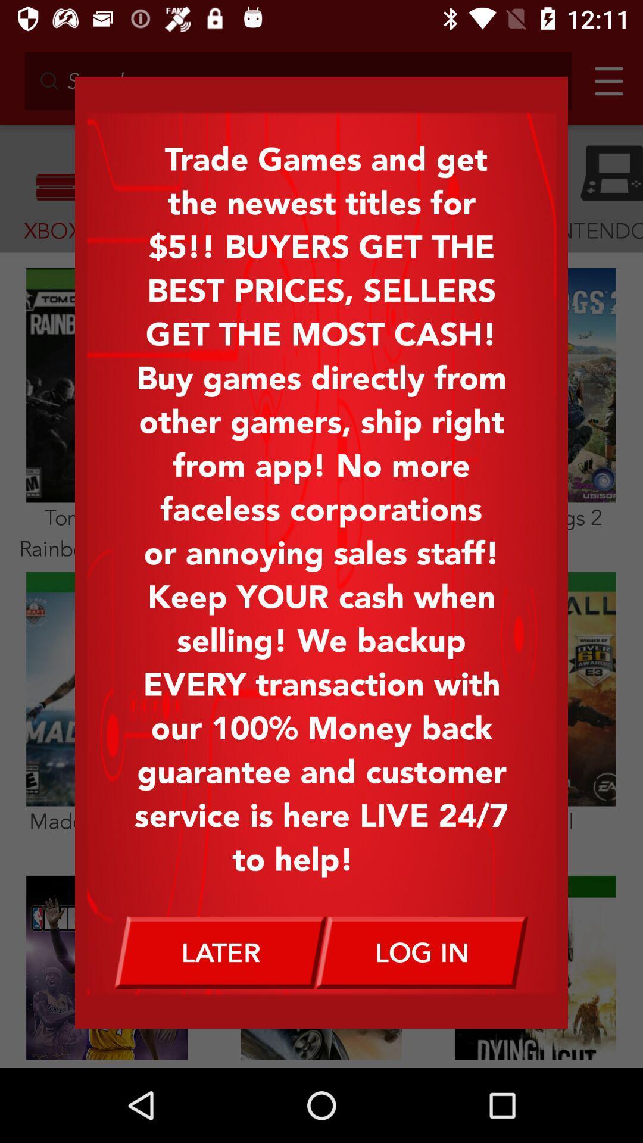  I want to click on log in item, so click(422, 952).